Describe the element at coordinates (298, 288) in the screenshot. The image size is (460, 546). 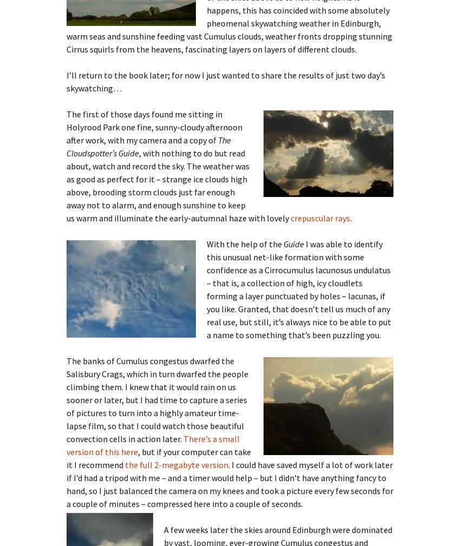
I see `'I was able to identify this unusual net-like formation with some confidence as a Cirrocumulus lacunosus undulatus – that is, a collection of high, icy cloudlets forming a layer punctuated by holes – lacunas, if you like. Granted, that doesn’t tell us much of any real use, but still, it’s always nice to be able to put a name to something that’s been puzzling you.'` at that location.